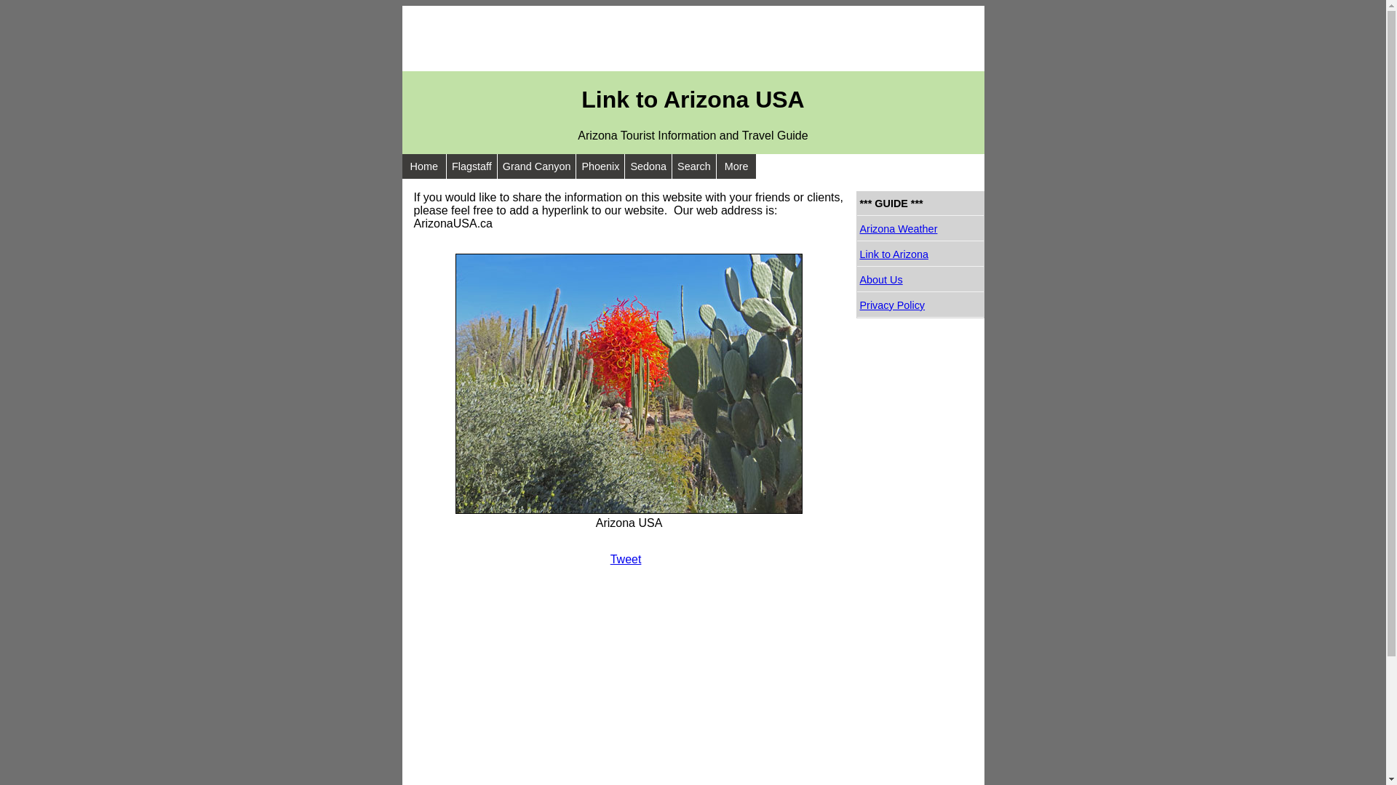 This screenshot has height=785, width=1397. Describe the element at coordinates (716, 165) in the screenshot. I see `' More '` at that location.